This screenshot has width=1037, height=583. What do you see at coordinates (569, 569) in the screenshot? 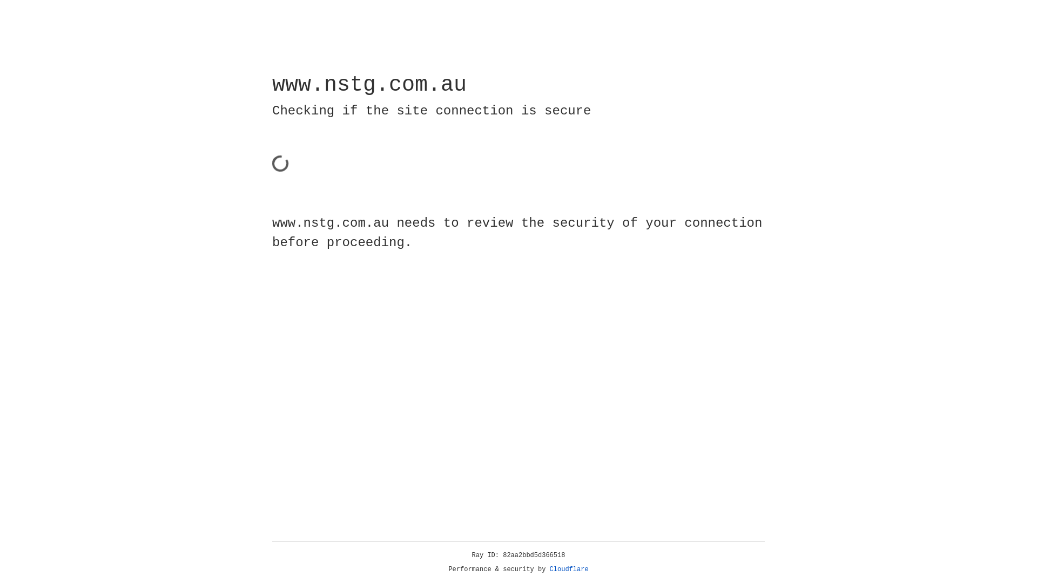
I see `'Cloudflare'` at bounding box center [569, 569].